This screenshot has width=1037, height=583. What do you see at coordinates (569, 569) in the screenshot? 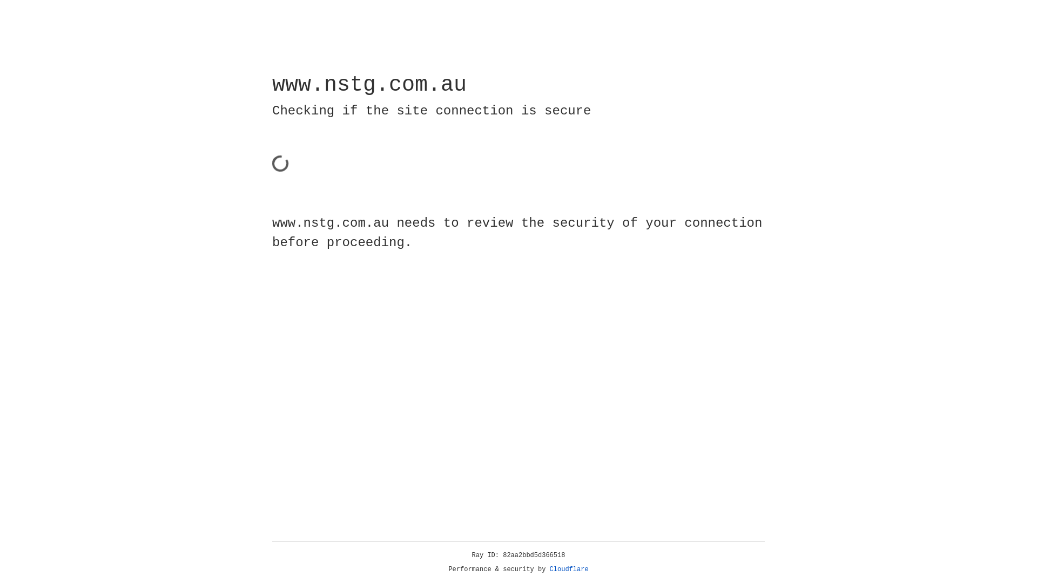
I see `'Cloudflare'` at bounding box center [569, 569].